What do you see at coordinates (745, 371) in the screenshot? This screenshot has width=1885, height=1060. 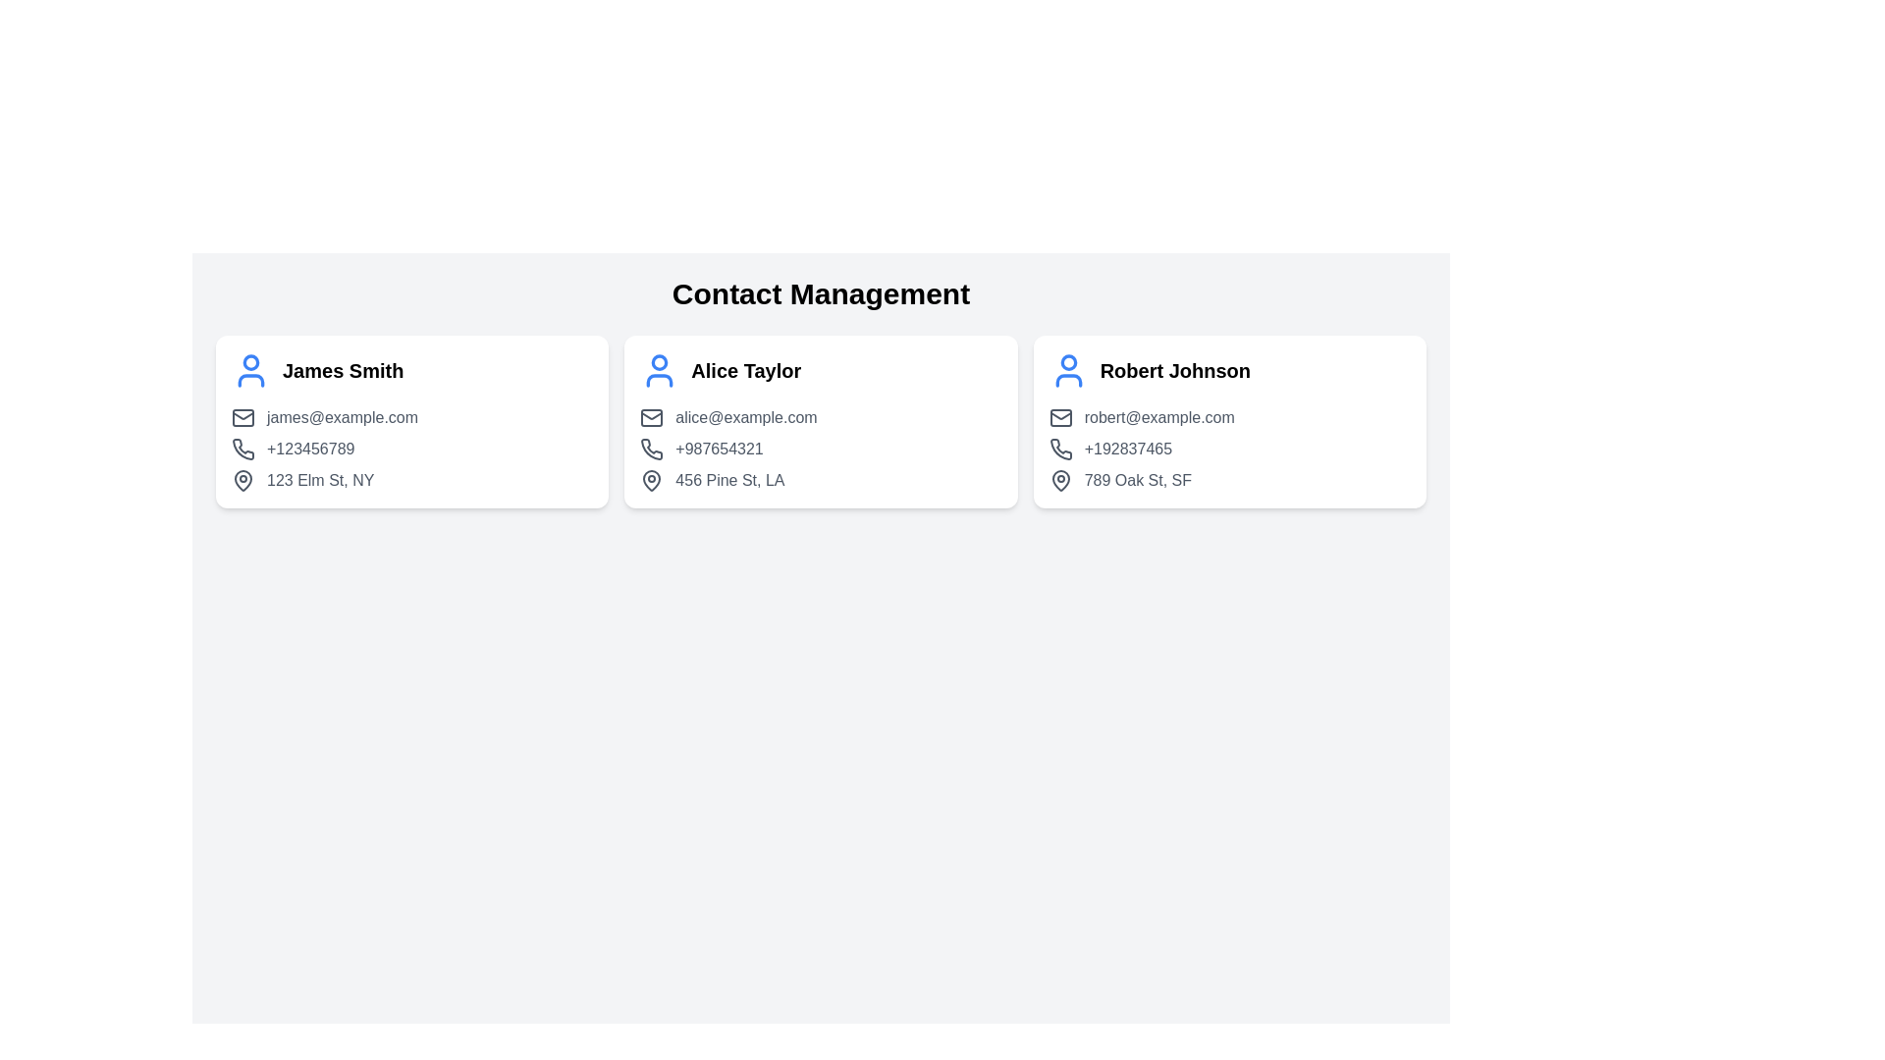 I see `the text label displaying the name 'Alice Taylor,' which is located in the center of the second card in a three-card layout, positioned above the email, phone, and address details` at bounding box center [745, 371].